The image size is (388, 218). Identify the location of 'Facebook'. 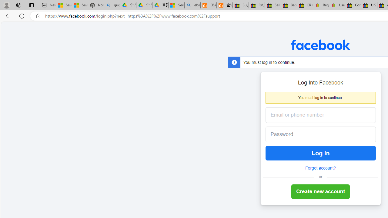
(320, 44).